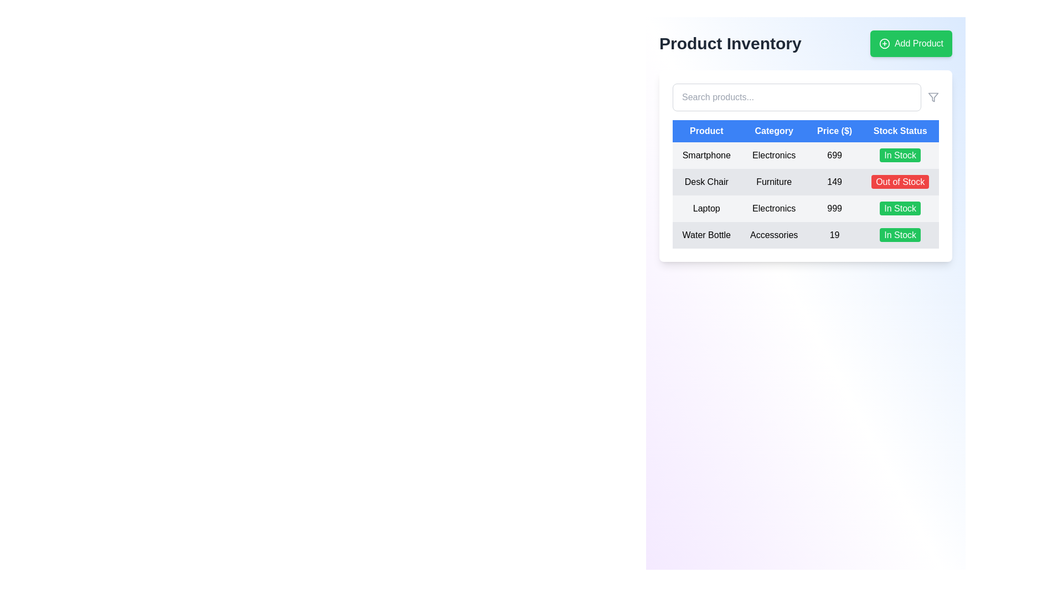 The width and height of the screenshot is (1063, 598). I want to click on value of the price label for 'Desk Chair' located in the second row of the product inventory table under the 'Price ($)' column, so click(834, 181).